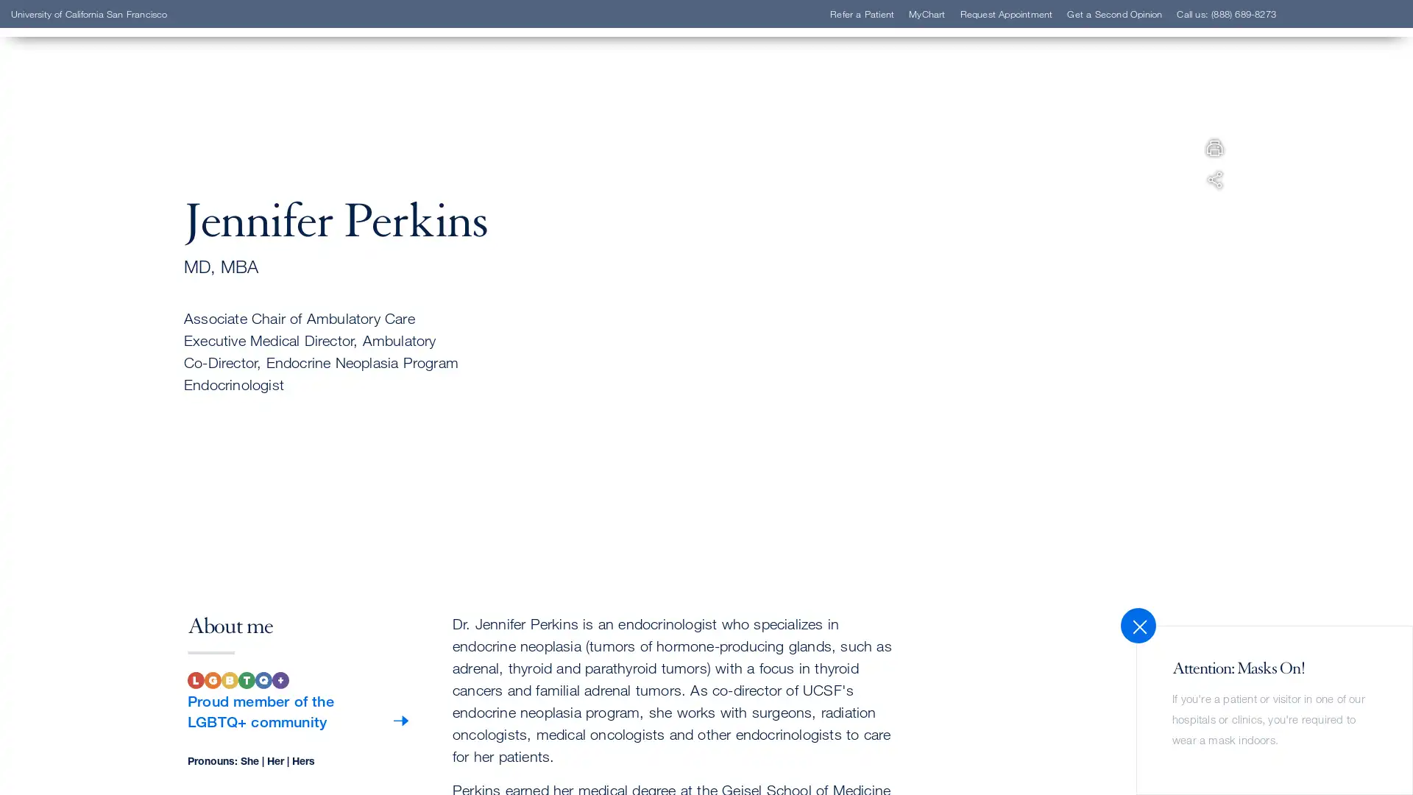 Image resolution: width=1413 pixels, height=795 pixels. What do you see at coordinates (93, 305) in the screenshot?
I see `Treatments` at bounding box center [93, 305].